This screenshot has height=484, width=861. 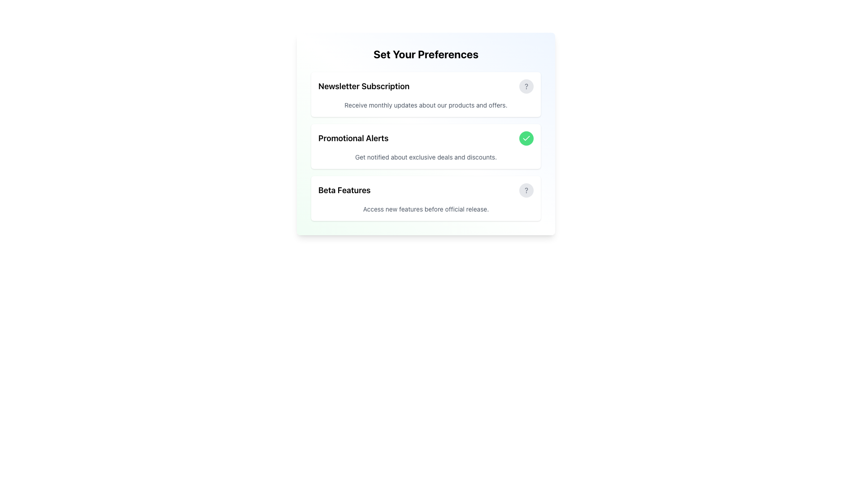 What do you see at coordinates (426, 138) in the screenshot?
I see `the green button that serves as a toggle for promotional alerts, located below 'Newsletter Subscription'` at bounding box center [426, 138].